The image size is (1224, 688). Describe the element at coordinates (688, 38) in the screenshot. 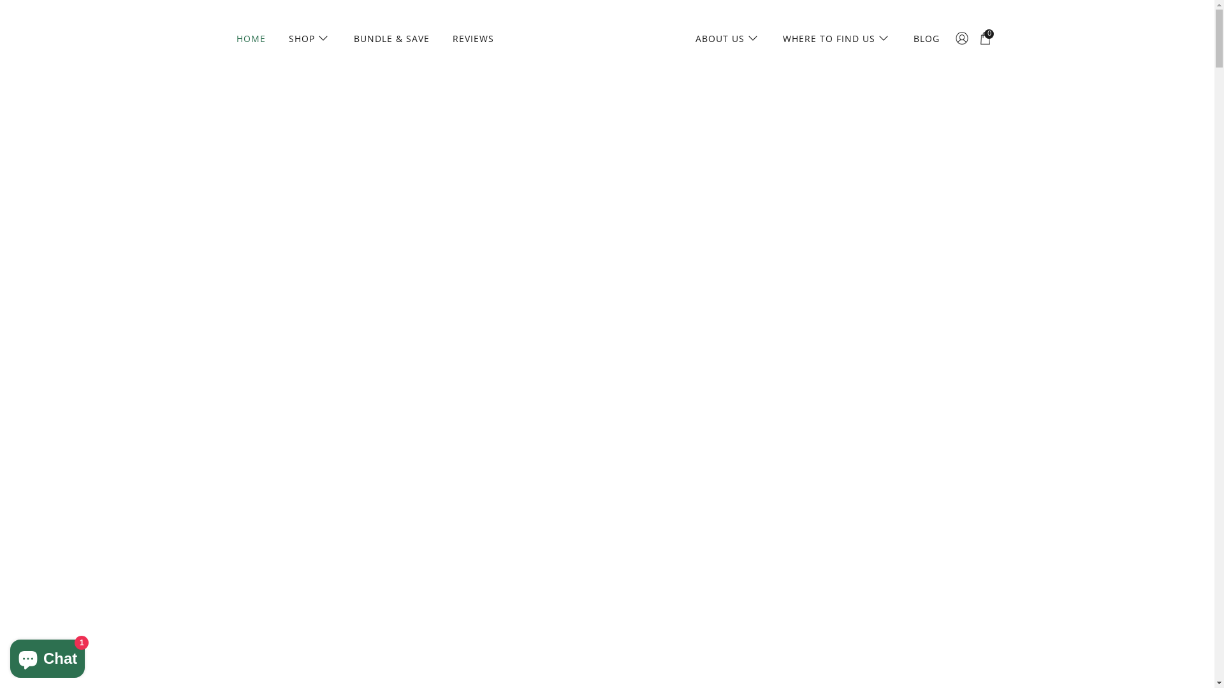

I see `'ABOUT US'` at that location.